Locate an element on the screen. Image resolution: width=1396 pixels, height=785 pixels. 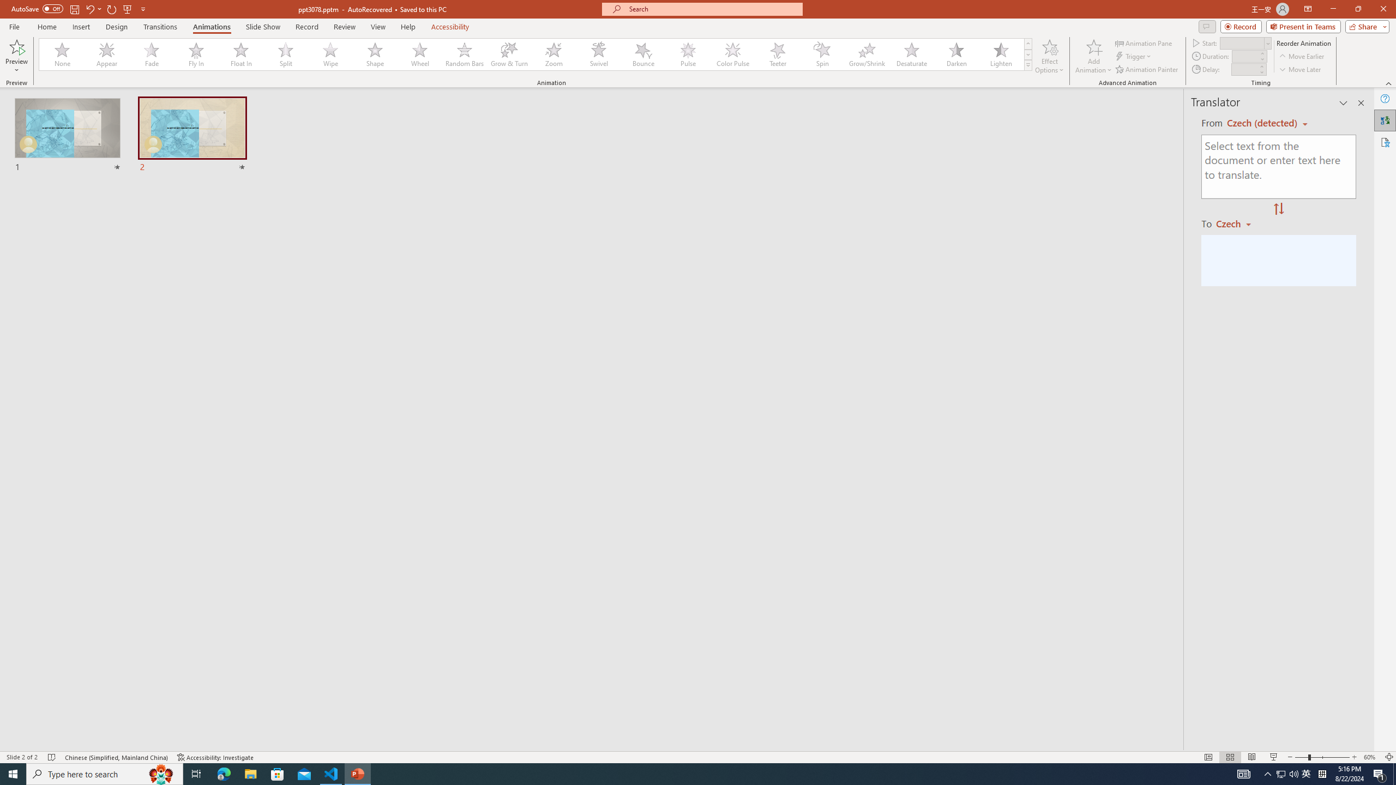
'Pulse' is located at coordinates (688, 54).